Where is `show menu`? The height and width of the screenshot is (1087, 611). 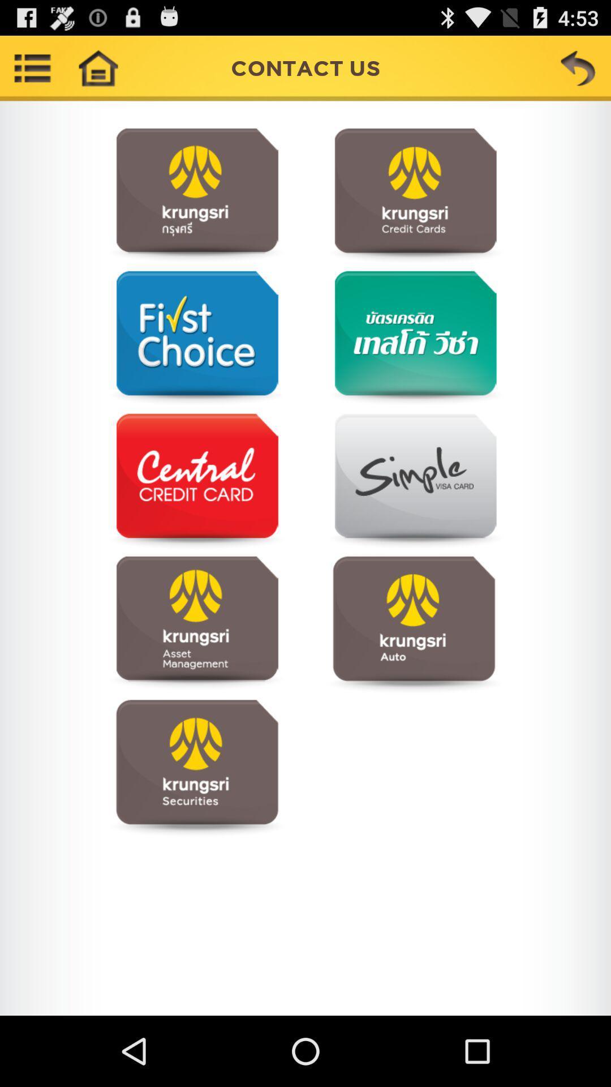 show menu is located at coordinates (32, 67).